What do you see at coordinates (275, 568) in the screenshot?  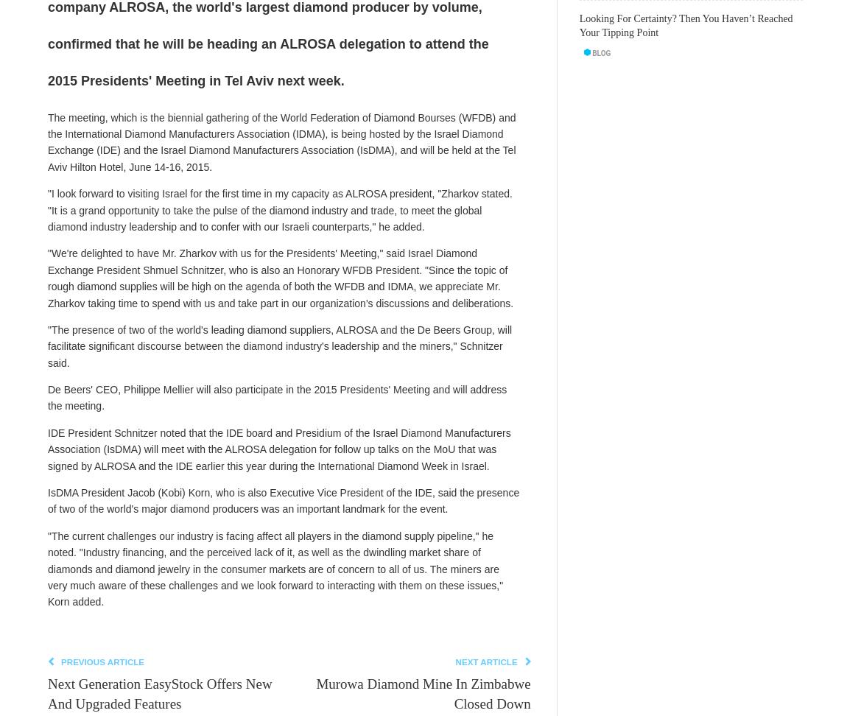 I see `'"The current challenges our industry is facing affect all players in the diamond supply pipeline," he noted. "Industry financing, and the perceived lack of it, as well as the dwindling market share of diamonds and diamond jewelry in the consumer markets are of concern to all of us. The miners are very much aware of these challenges and we look forward to interacting with them on these issues," Korn added.'` at bounding box center [275, 568].